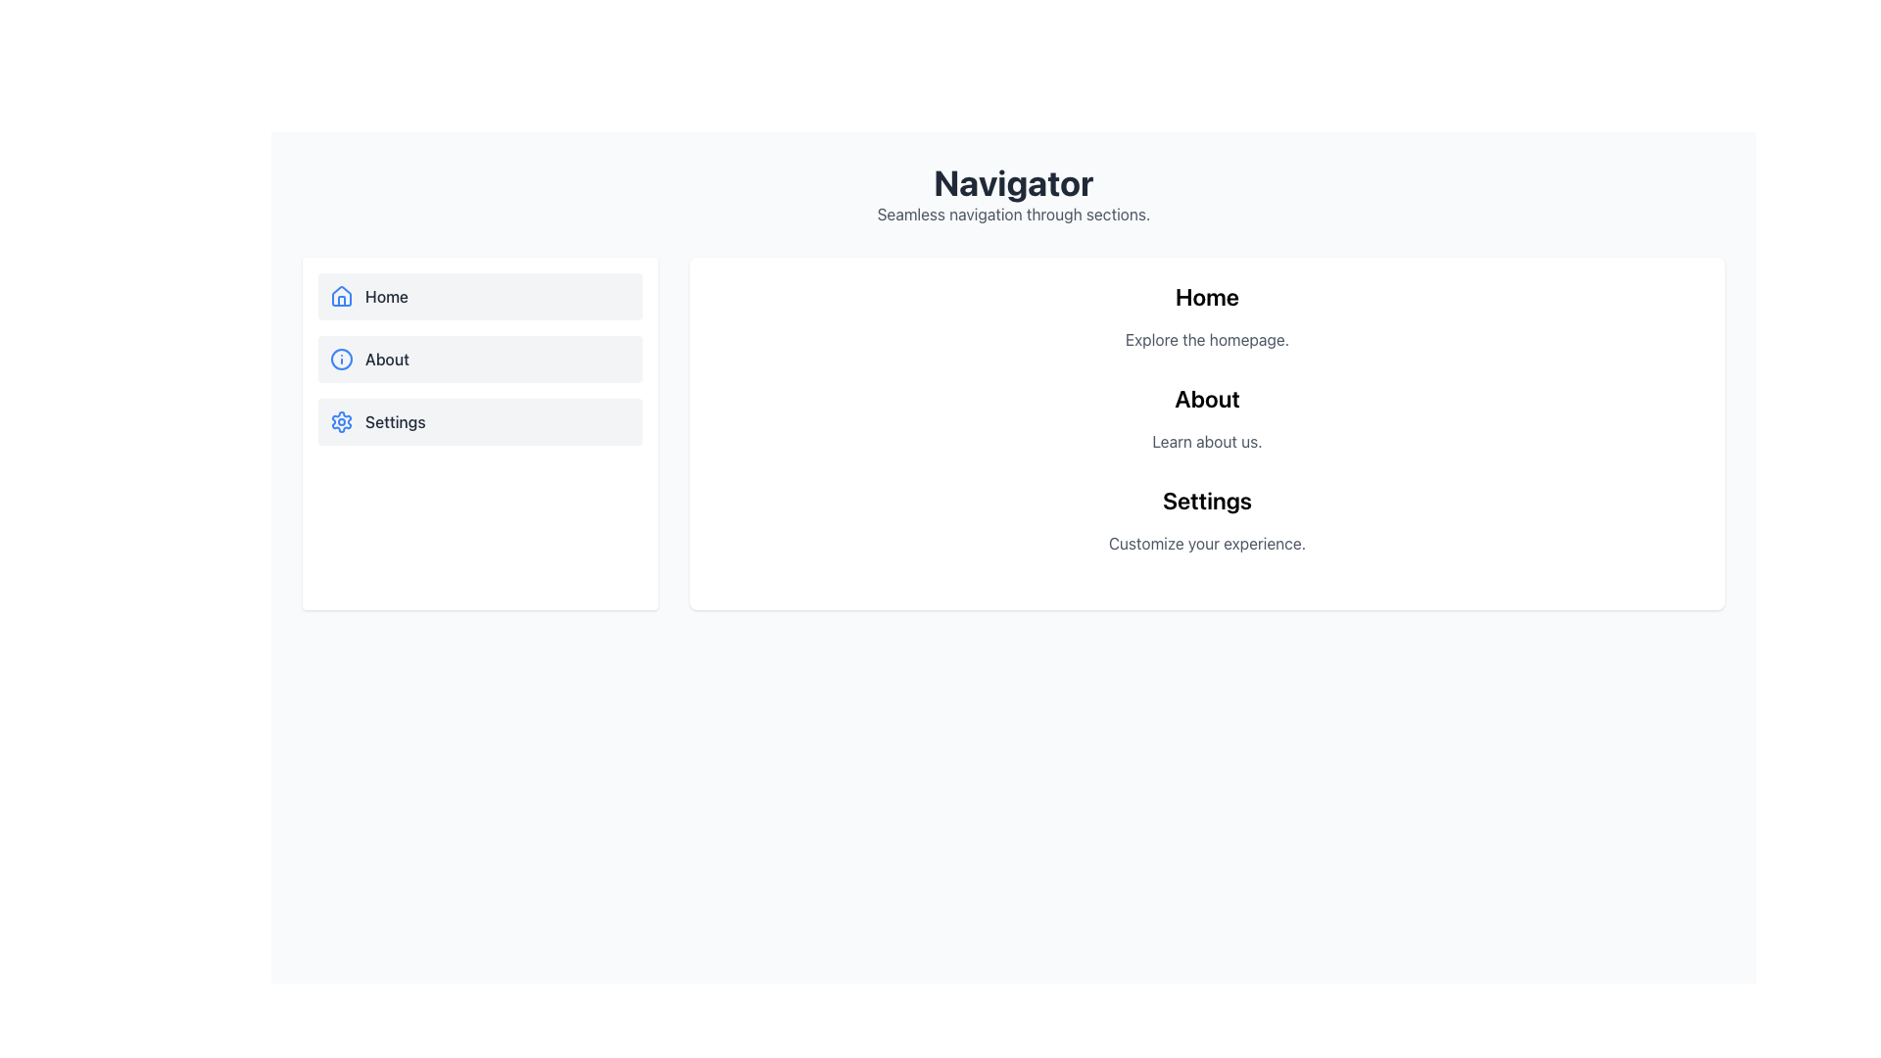 This screenshot has width=1881, height=1058. What do you see at coordinates (1206, 339) in the screenshot?
I see `the text label displaying 'Explore the homepage.' which is located beneath the title 'Home' in a vertically stacked layout` at bounding box center [1206, 339].